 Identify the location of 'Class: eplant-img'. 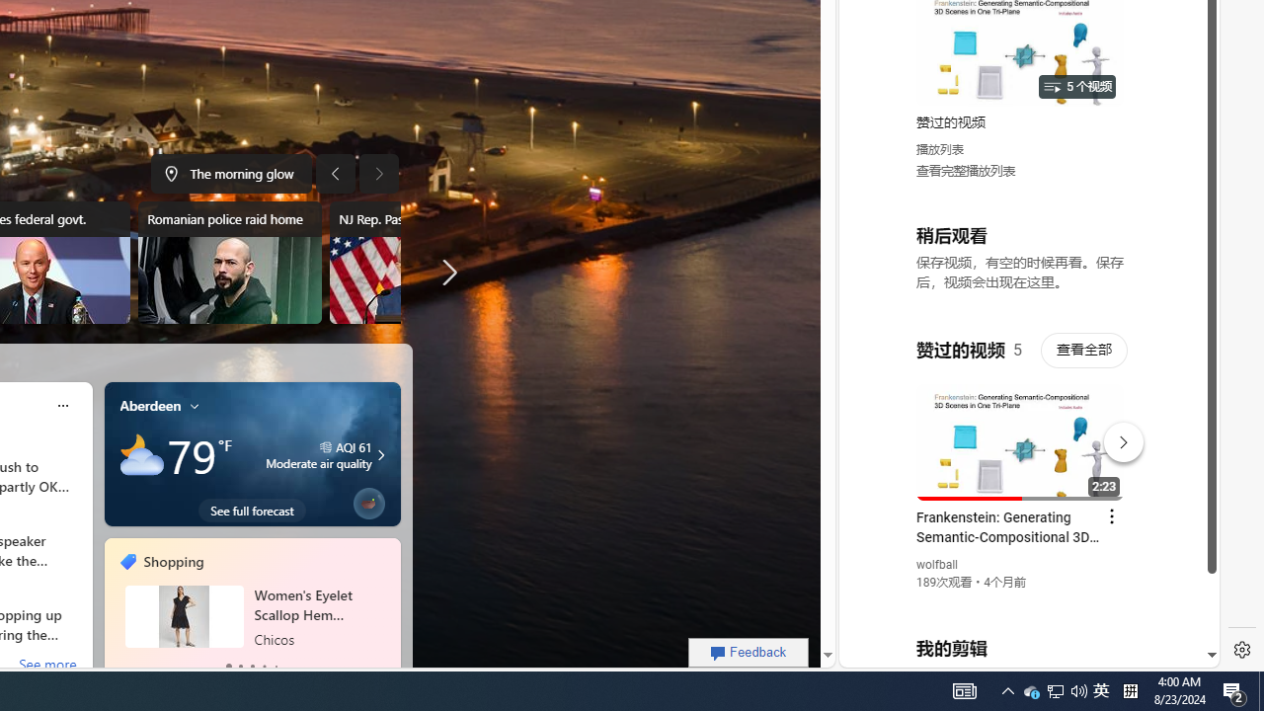
(368, 499).